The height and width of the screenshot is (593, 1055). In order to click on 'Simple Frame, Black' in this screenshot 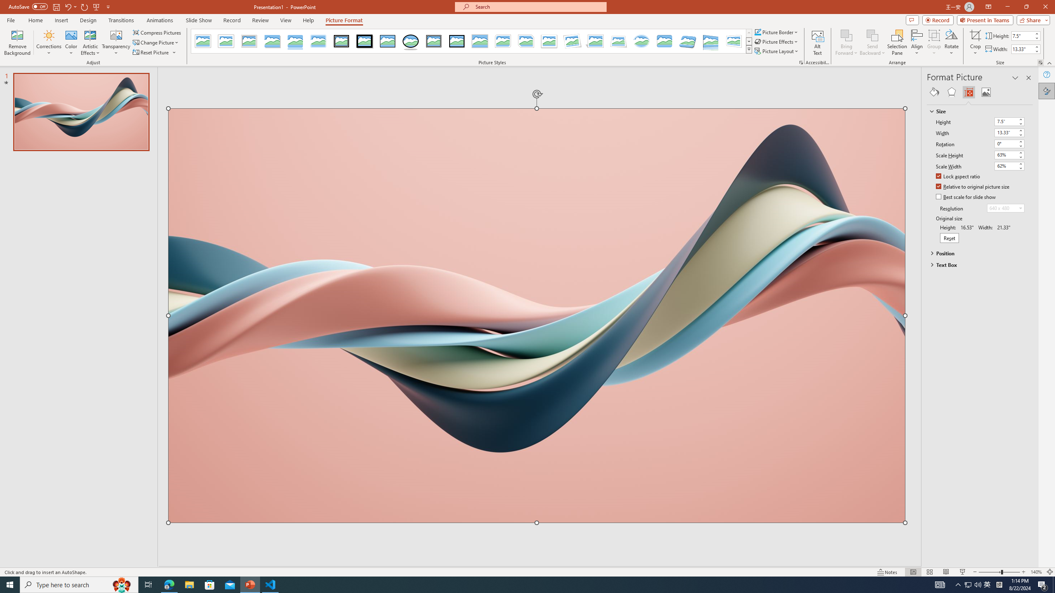, I will do `click(388, 41)`.